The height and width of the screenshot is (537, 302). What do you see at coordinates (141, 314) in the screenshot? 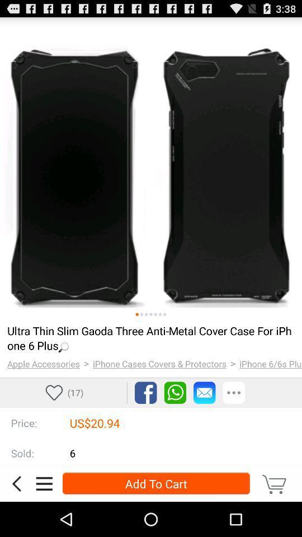
I see `swipe image` at bounding box center [141, 314].